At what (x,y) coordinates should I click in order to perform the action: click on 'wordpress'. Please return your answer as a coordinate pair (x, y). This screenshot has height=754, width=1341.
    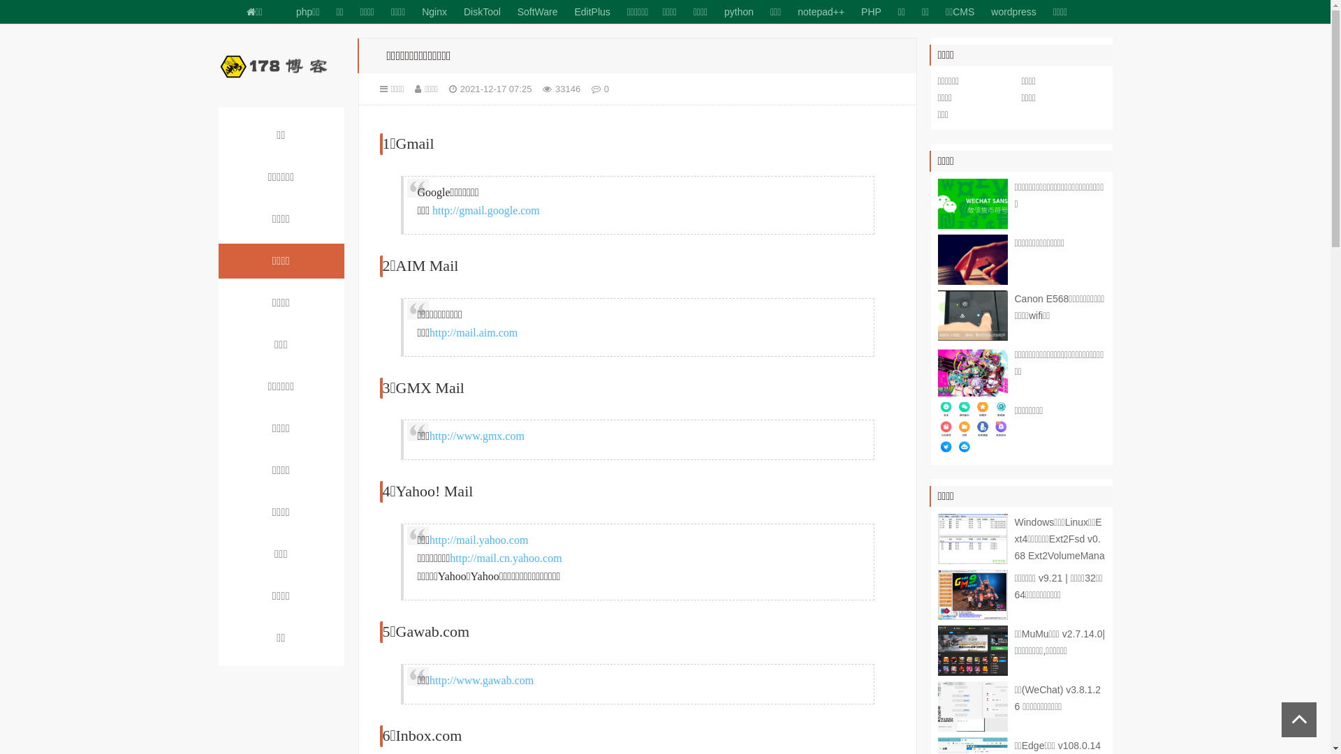
    Looking at the image, I should click on (1013, 11).